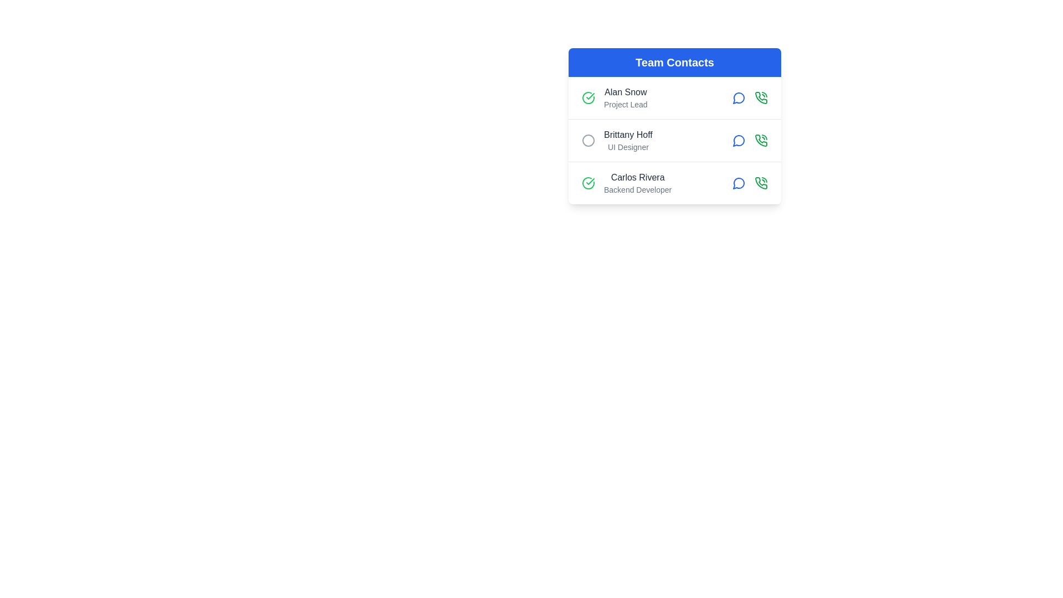 The width and height of the screenshot is (1063, 598). I want to click on the call icon for Carlos Rivera, so click(760, 183).